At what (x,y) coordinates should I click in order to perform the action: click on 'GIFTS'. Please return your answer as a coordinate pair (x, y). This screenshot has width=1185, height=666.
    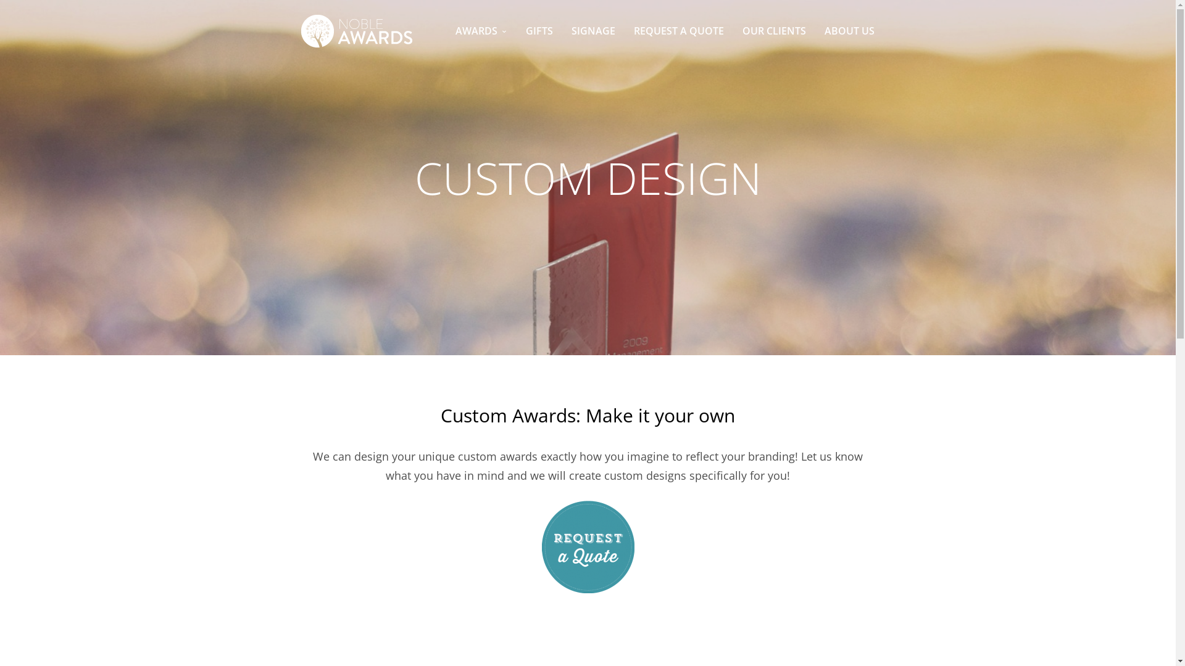
    Looking at the image, I should click on (539, 30).